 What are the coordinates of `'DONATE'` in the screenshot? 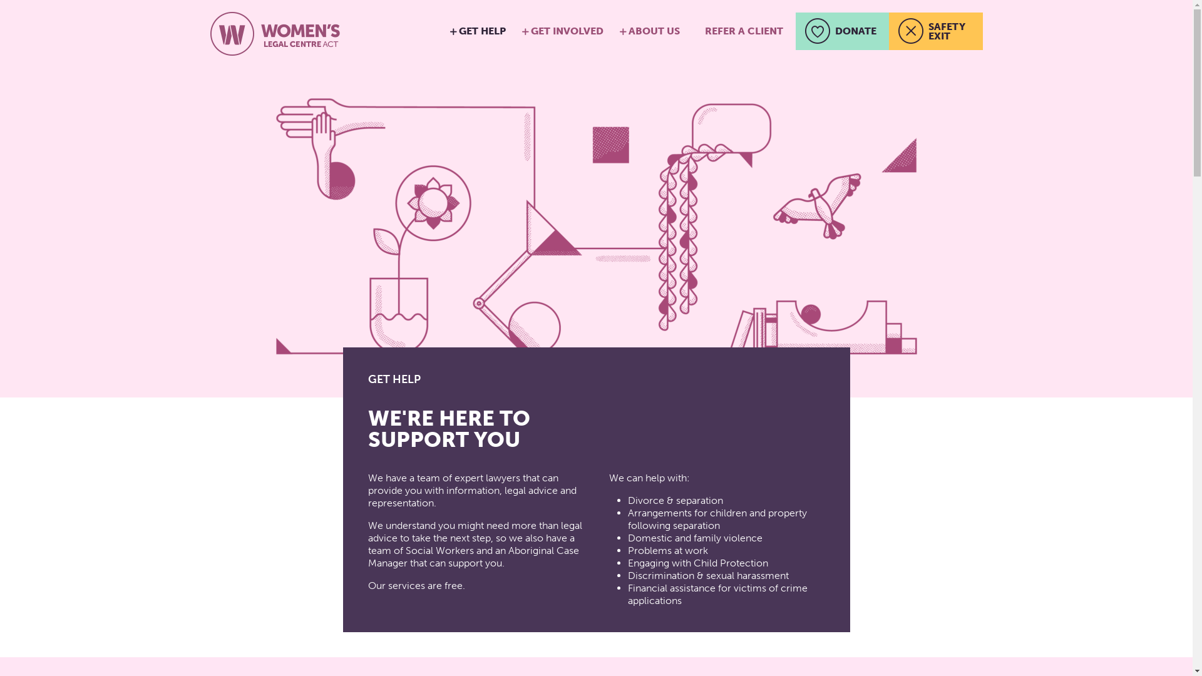 It's located at (841, 31).